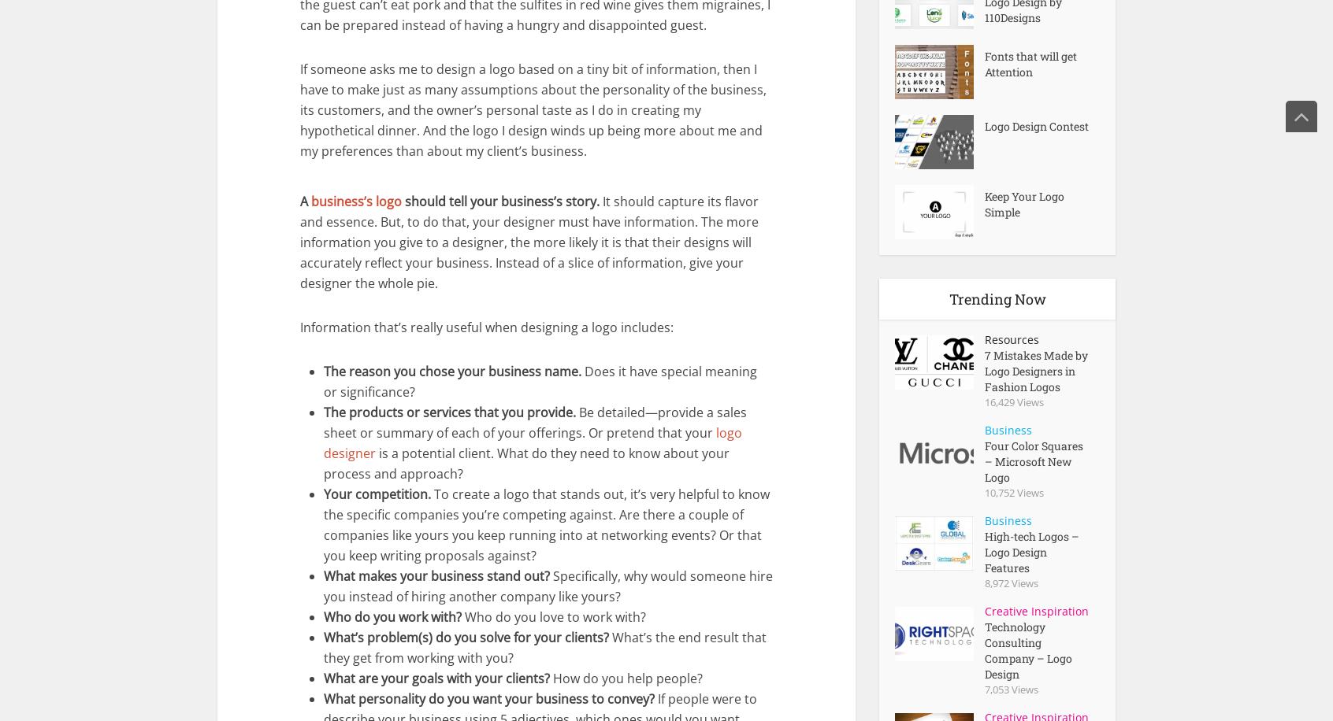 This screenshot has width=1333, height=721. I want to click on '10,752 Views', so click(1013, 491).